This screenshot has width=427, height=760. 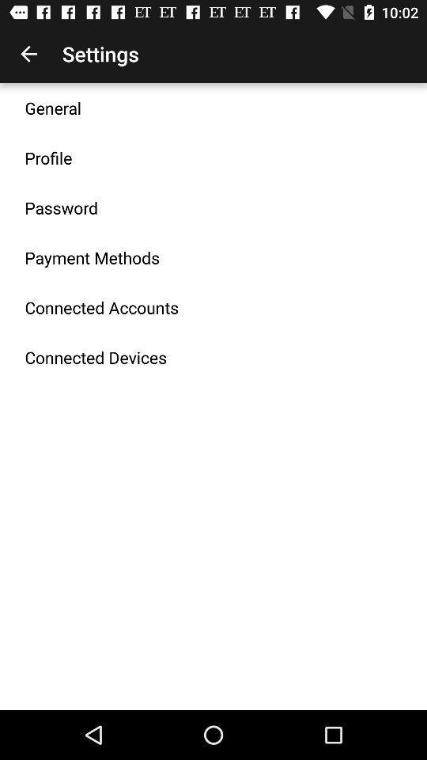 What do you see at coordinates (96, 357) in the screenshot?
I see `the connected devices item` at bounding box center [96, 357].